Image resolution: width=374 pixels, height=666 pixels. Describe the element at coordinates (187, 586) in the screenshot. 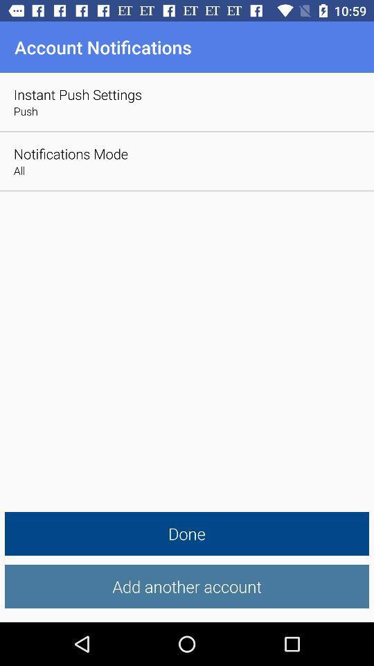

I see `the add another account icon` at that location.